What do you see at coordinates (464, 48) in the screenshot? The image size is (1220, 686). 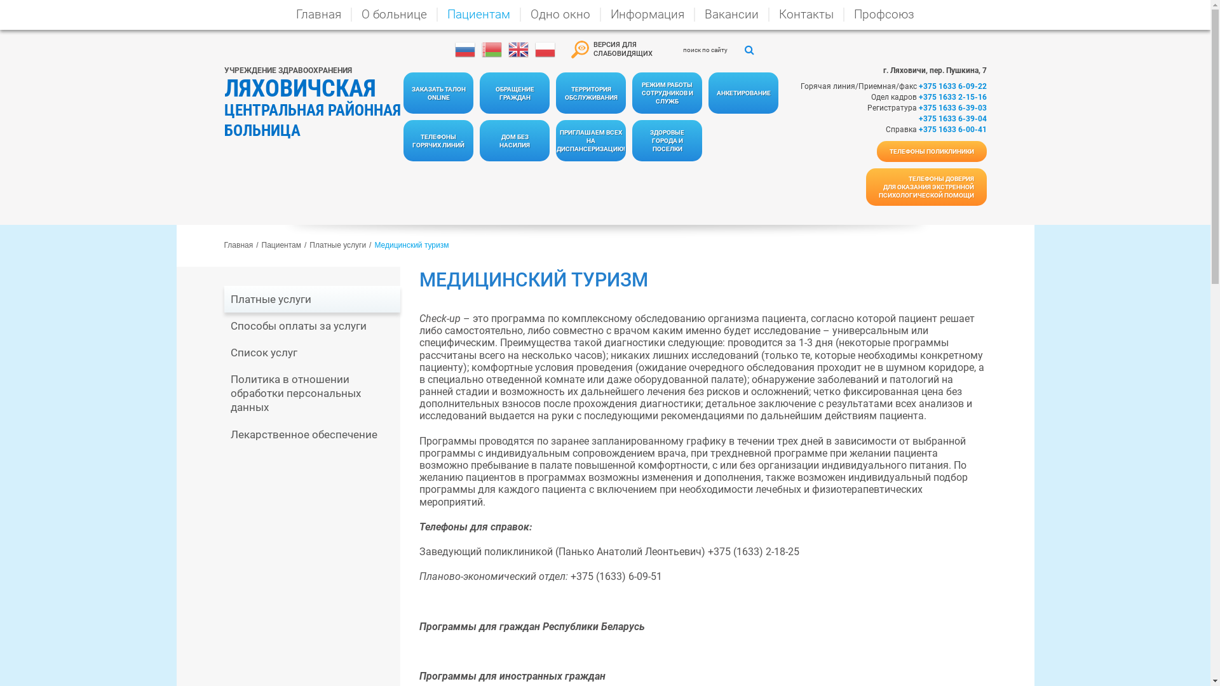 I see `'Russian'` at bounding box center [464, 48].